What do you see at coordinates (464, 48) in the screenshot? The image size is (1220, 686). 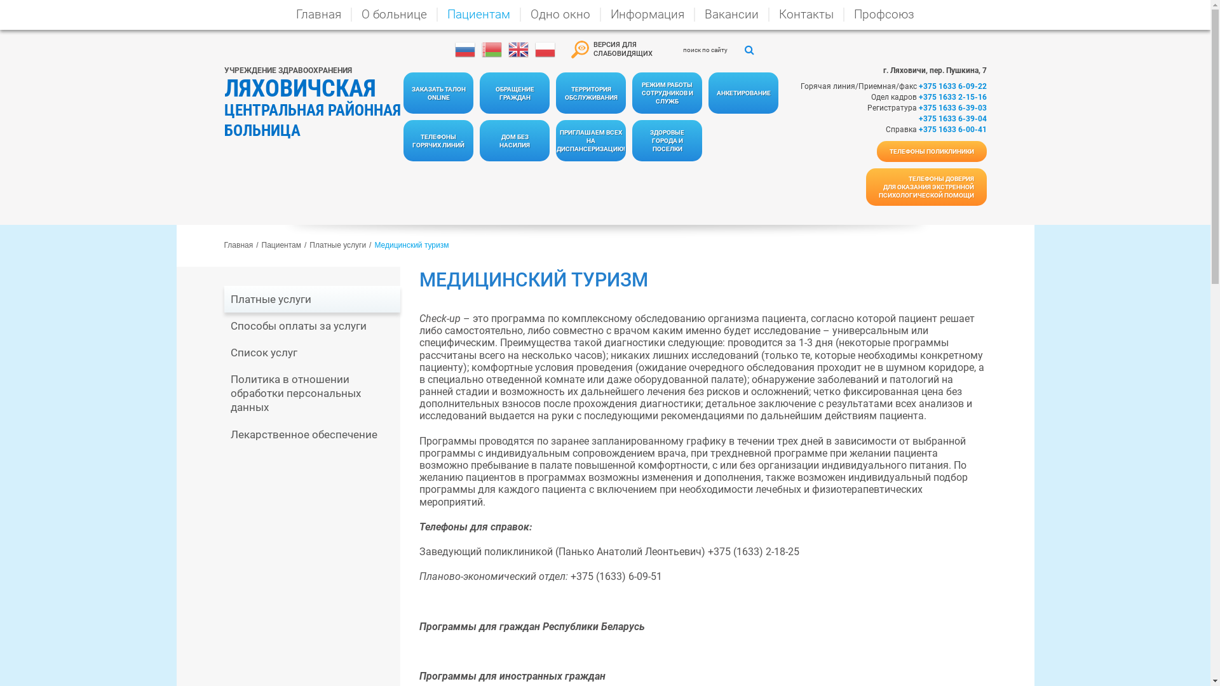 I see `'Russian'` at bounding box center [464, 48].